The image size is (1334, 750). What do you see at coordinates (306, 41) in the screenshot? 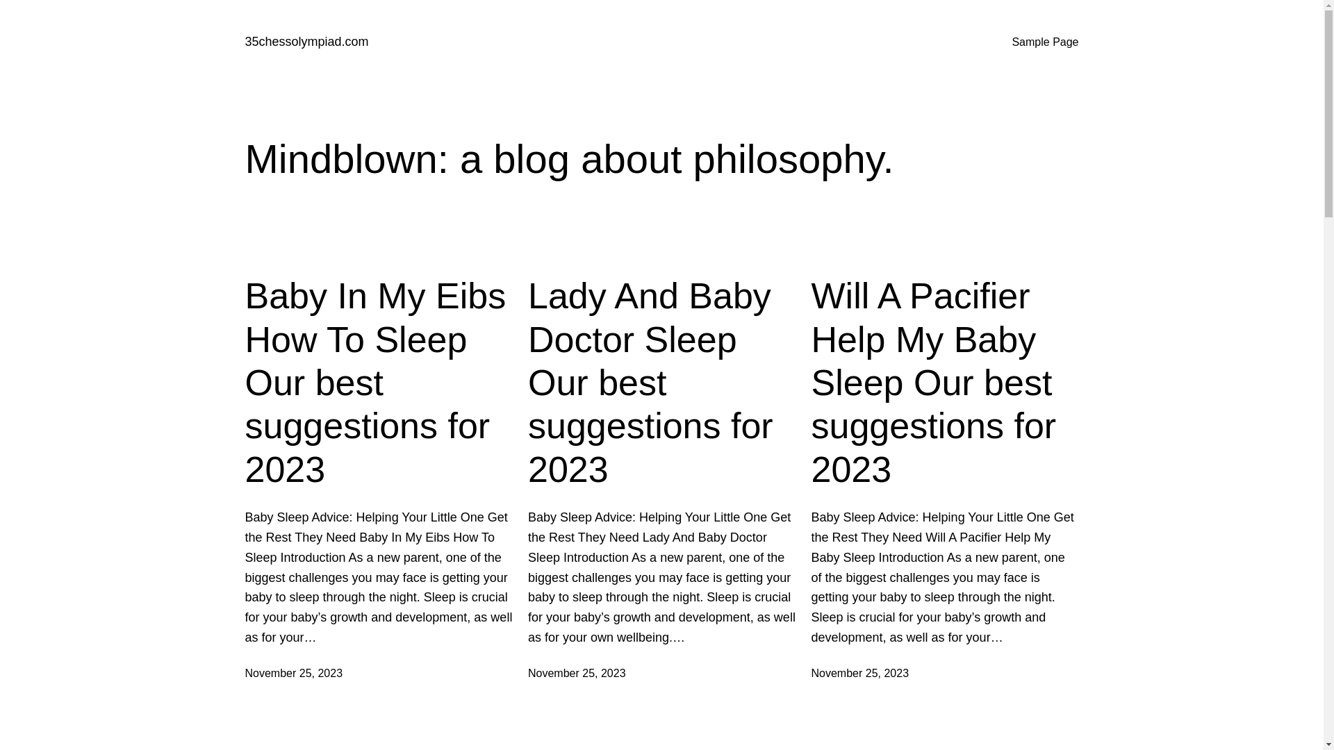
I see `'35chessolympiad.com'` at bounding box center [306, 41].